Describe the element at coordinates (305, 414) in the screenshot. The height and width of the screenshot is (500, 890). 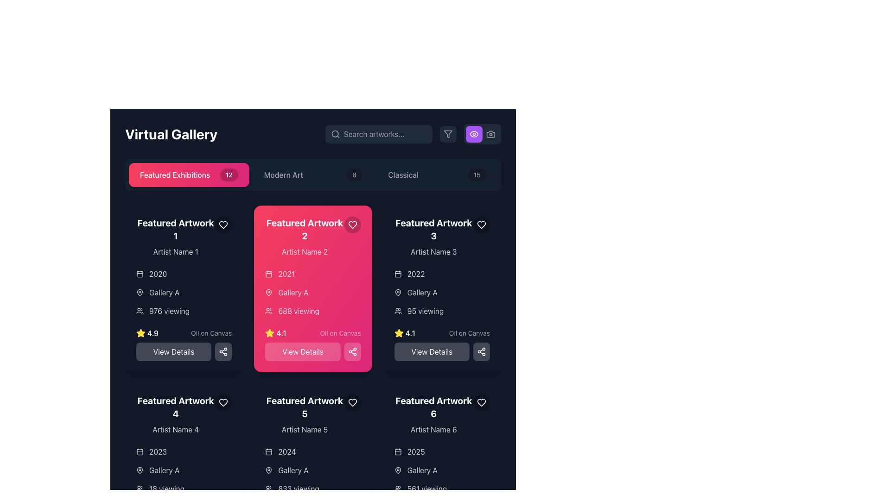
I see `displayed title and artist name of the artwork labeled 'Featured Artwork 5' from the Text Information Block located at the bottom-center column of the panel` at that location.